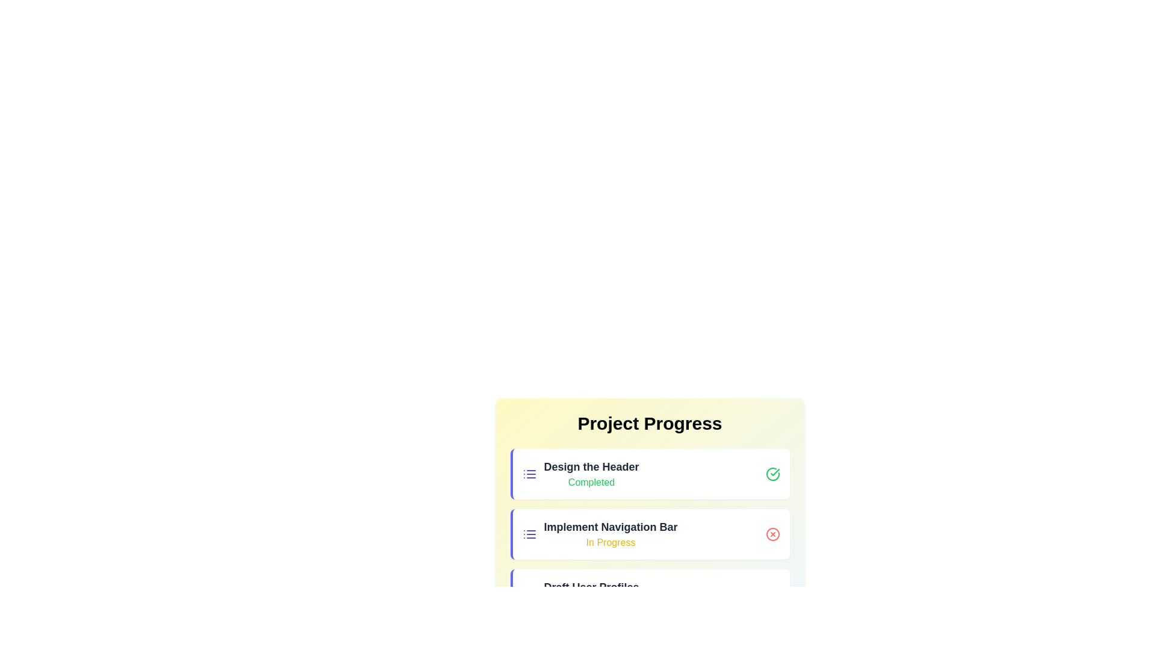 This screenshot has height=650, width=1156. Describe the element at coordinates (610, 526) in the screenshot. I see `the task title Implement Navigation Bar to expand or edit the task details` at that location.